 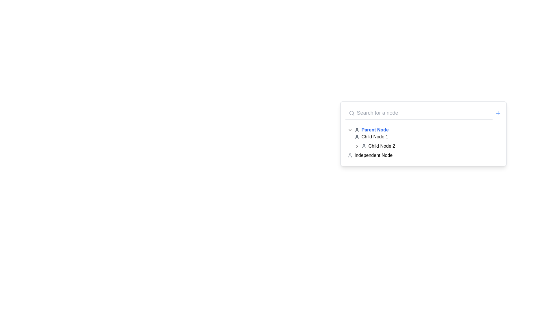 What do you see at coordinates (498, 113) in the screenshot?
I see `the addition button located on the far-right side of the horizontal bar next to the search input field to observe the color change effect` at bounding box center [498, 113].